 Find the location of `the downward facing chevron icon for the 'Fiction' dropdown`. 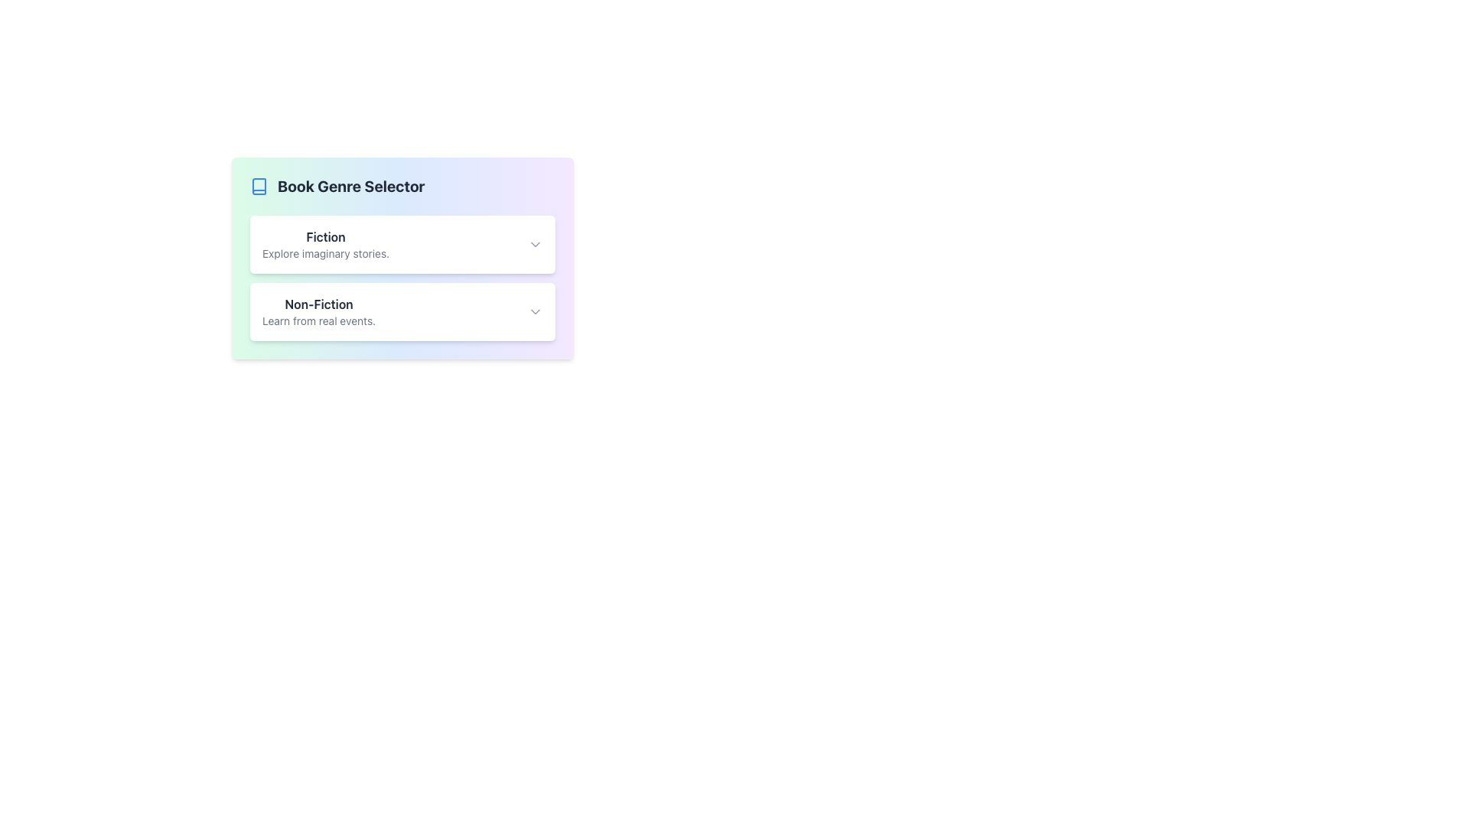

the downward facing chevron icon for the 'Fiction' dropdown is located at coordinates (536, 244).